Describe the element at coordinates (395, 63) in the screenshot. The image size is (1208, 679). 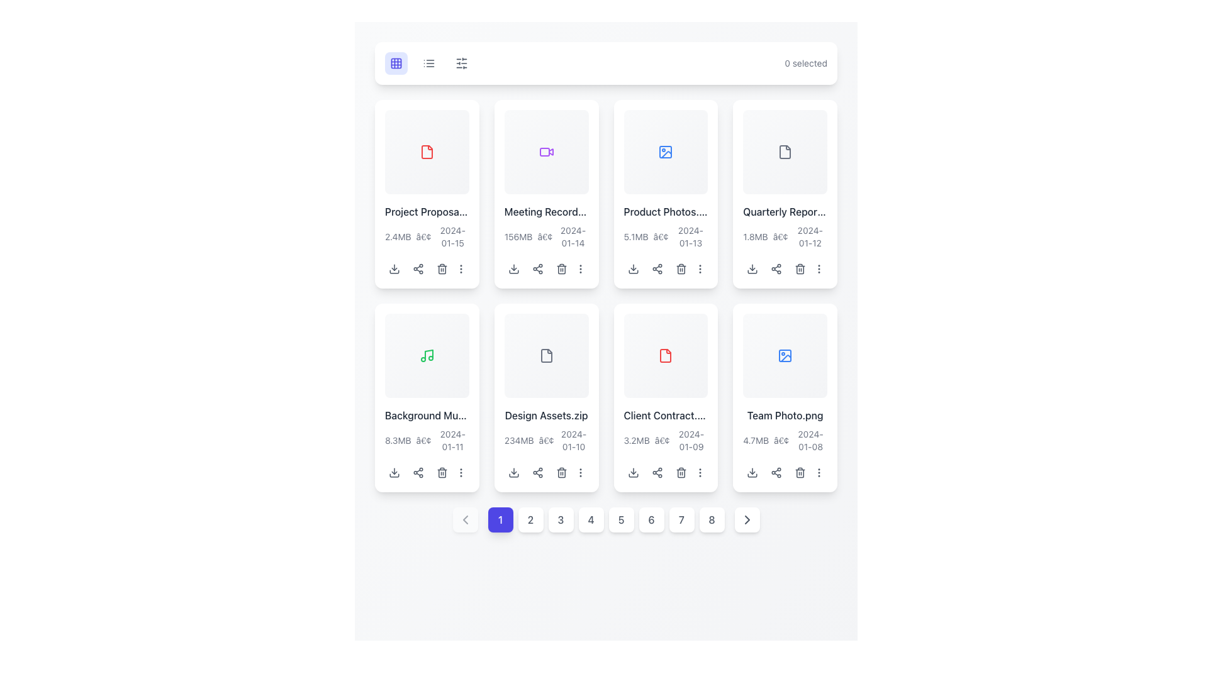
I see `the grid toggle button icon located at the top-left corner of the interface` at that location.